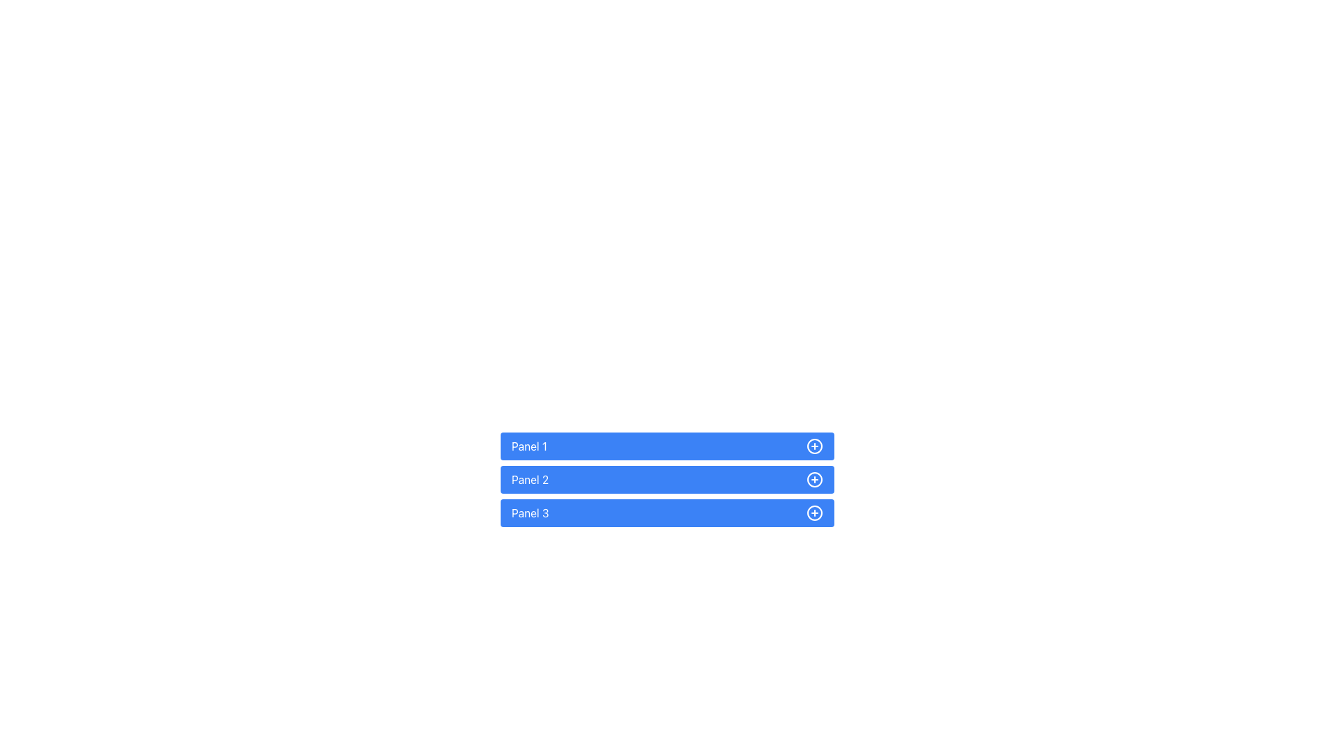 This screenshot has width=1335, height=751. I want to click on the blue rectangular panel labeled 'Panel 1', so click(667, 446).